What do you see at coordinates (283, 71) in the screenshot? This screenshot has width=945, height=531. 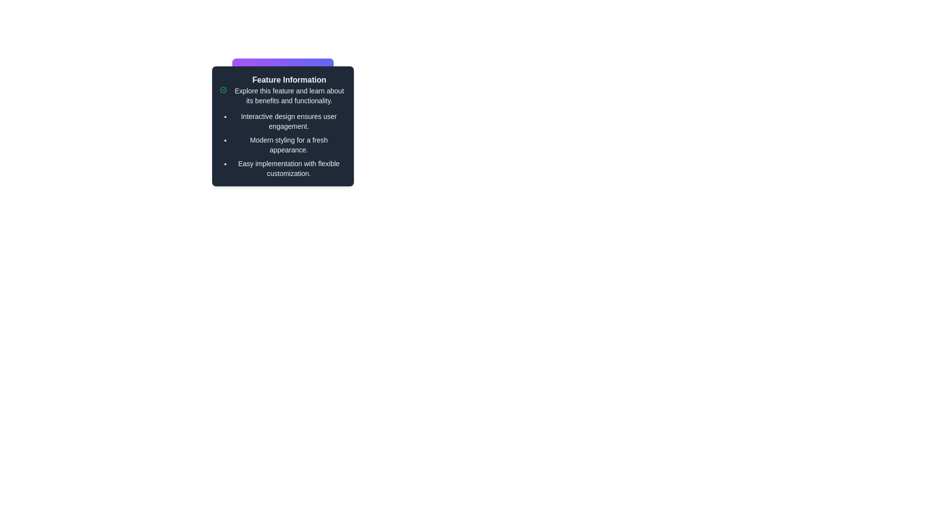 I see `text content of the 'Feature Information' title displayed in bold white text on a dark background, which is part of a larger informational panel` at bounding box center [283, 71].